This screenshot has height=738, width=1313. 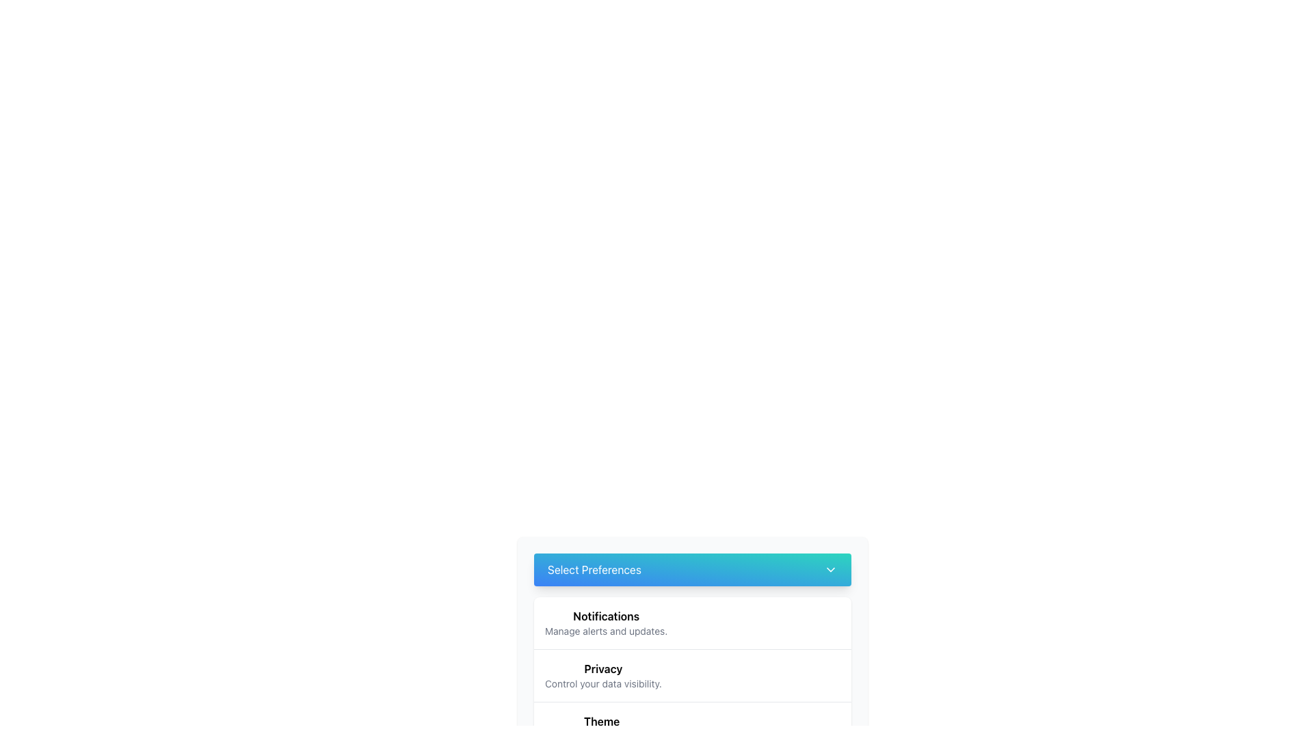 What do you see at coordinates (602, 721) in the screenshot?
I see `the 'Theme' text label which is styled in bold and medium font, located at the top of the descriptive group for selecting light or dark mode` at bounding box center [602, 721].